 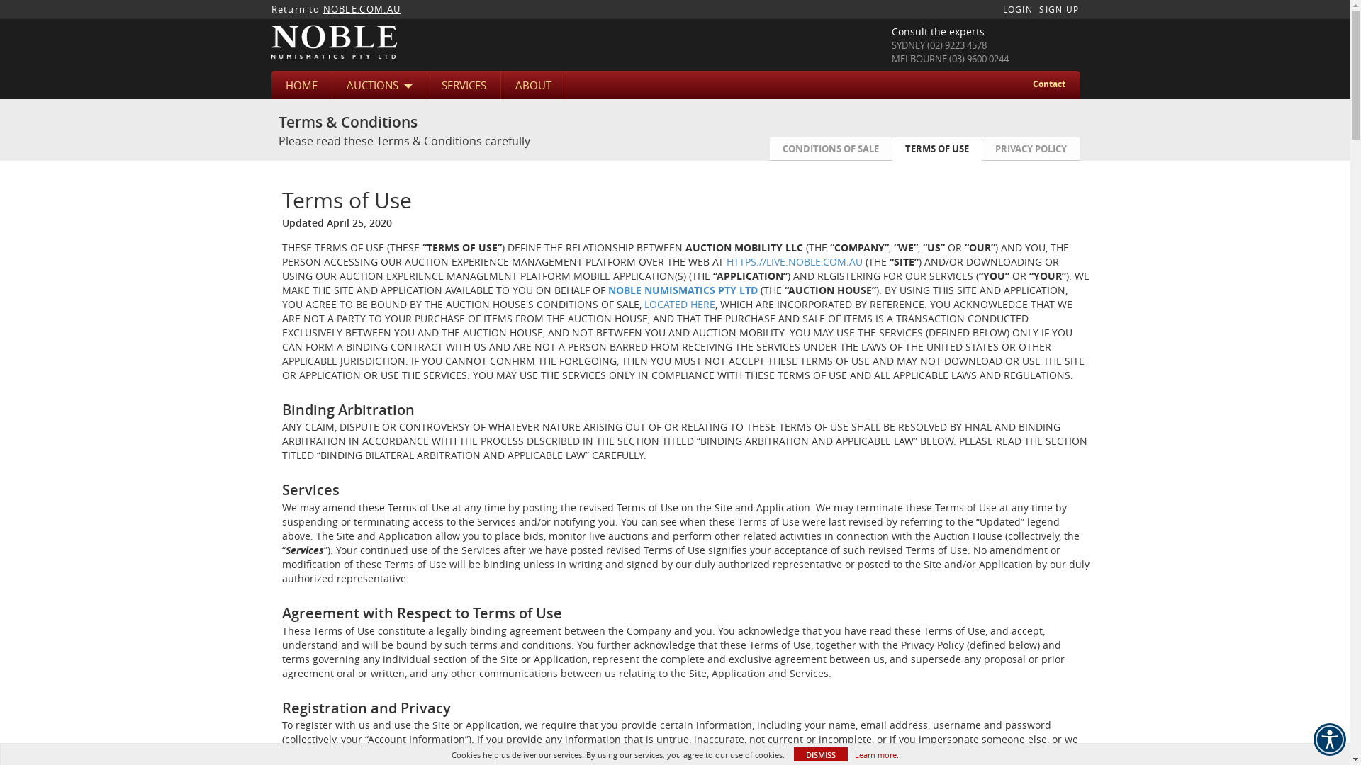 I want to click on 'HOME', so click(x=300, y=84).